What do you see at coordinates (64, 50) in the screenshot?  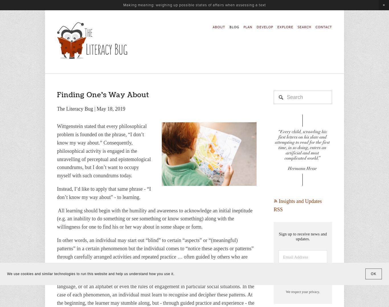 I see `'Develop'` at bounding box center [64, 50].